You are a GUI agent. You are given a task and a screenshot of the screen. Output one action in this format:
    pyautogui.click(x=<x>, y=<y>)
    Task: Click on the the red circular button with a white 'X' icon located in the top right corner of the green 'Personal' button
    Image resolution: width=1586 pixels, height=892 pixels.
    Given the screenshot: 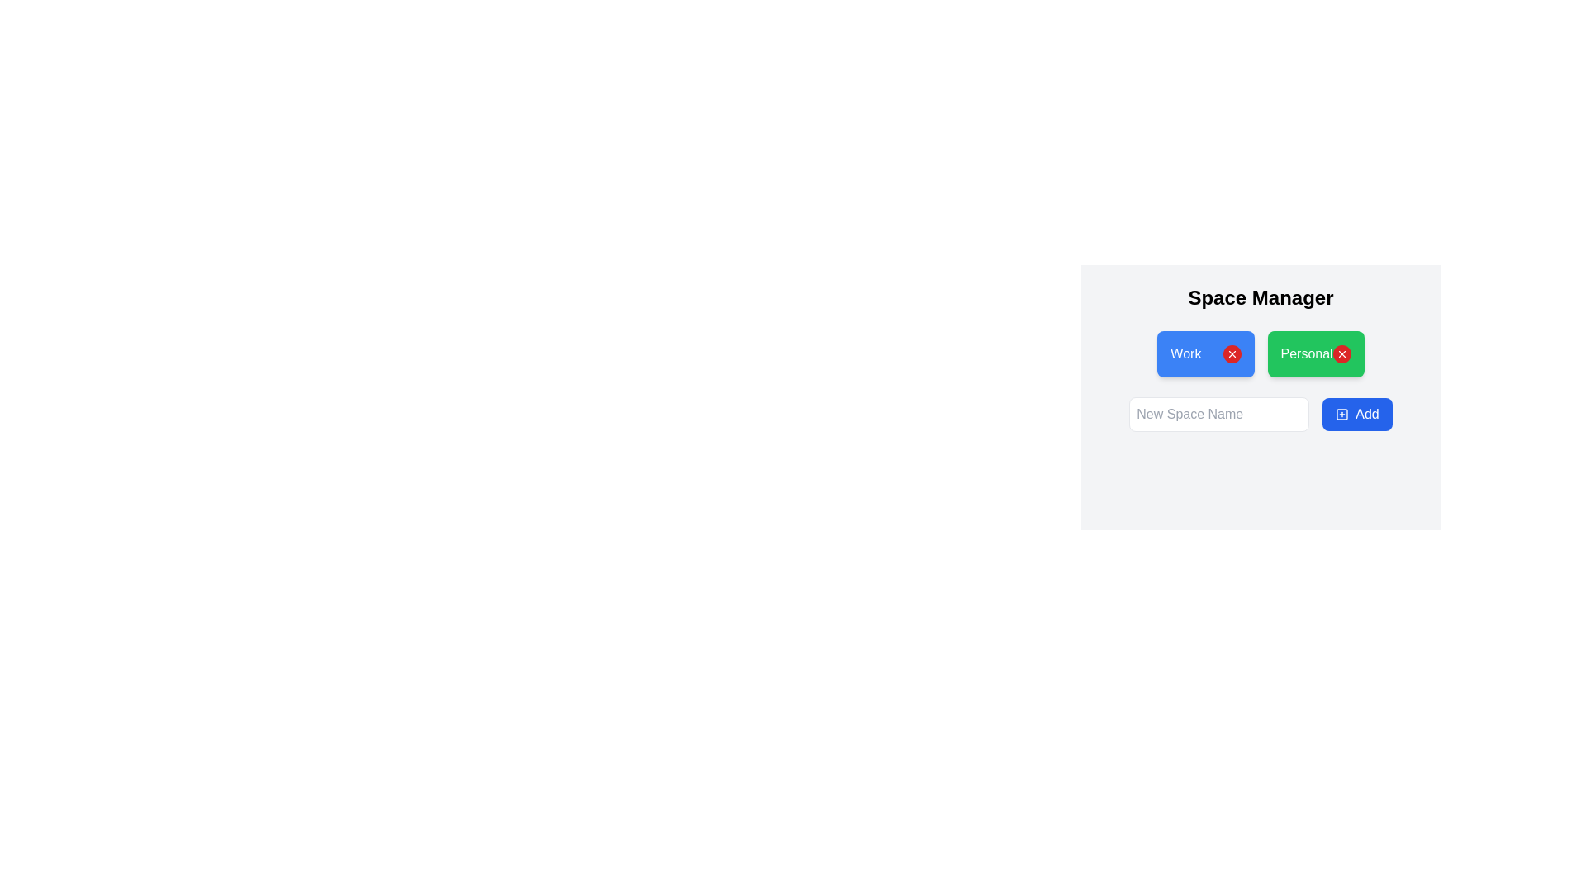 What is the action you would take?
    pyautogui.click(x=1232, y=353)
    